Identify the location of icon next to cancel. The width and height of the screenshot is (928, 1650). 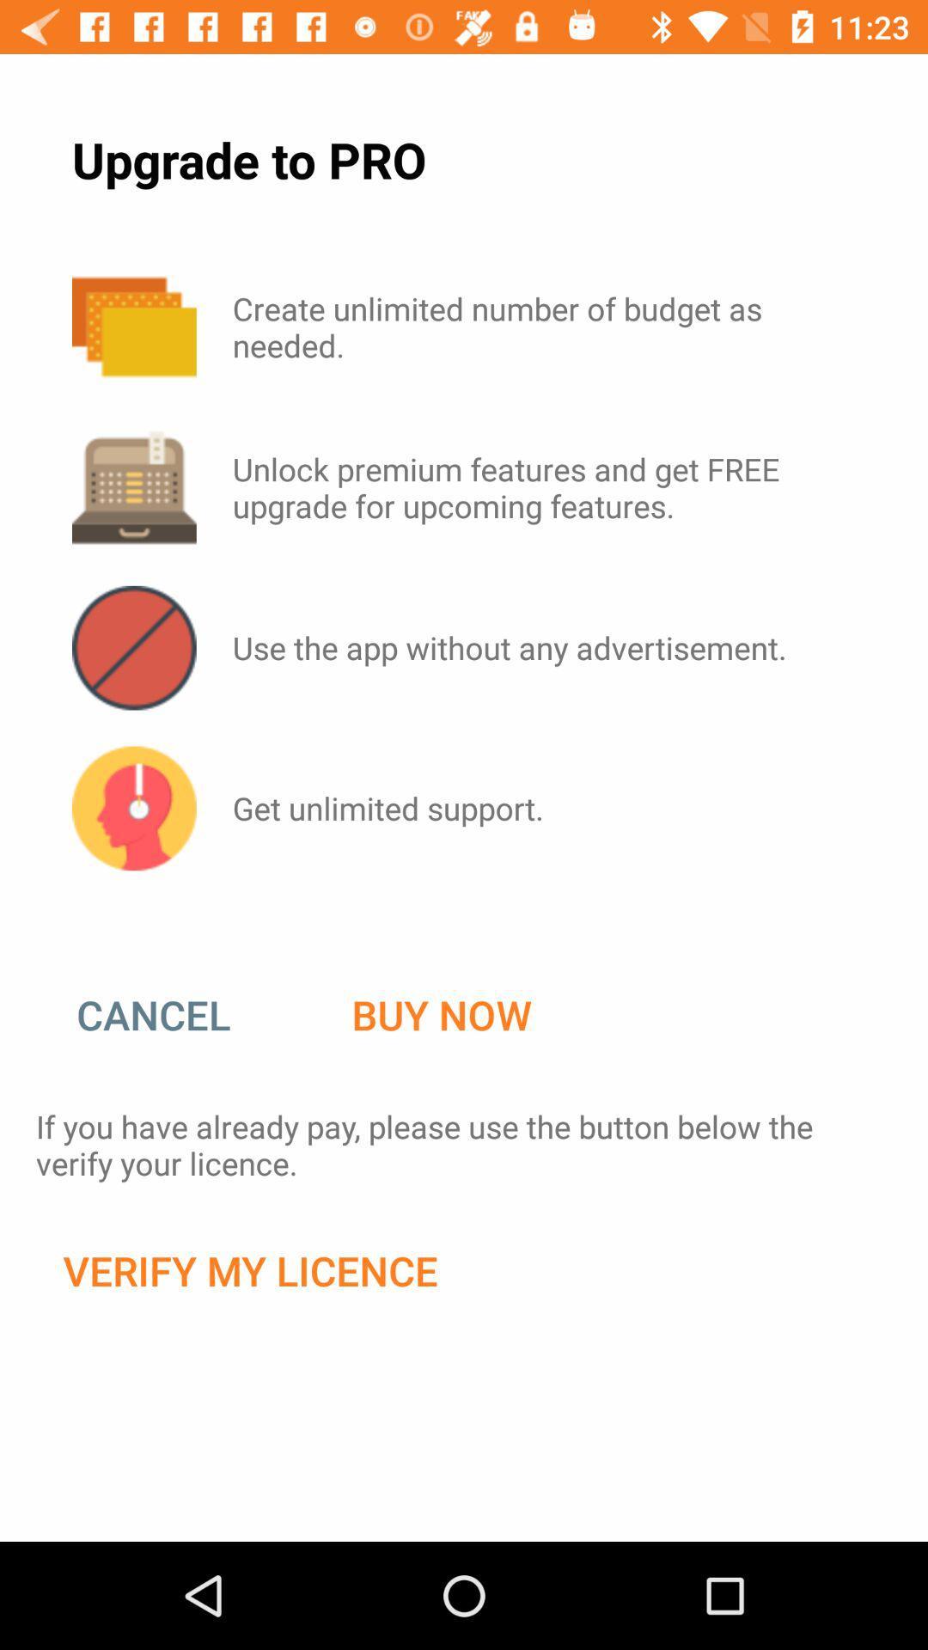
(441, 1015).